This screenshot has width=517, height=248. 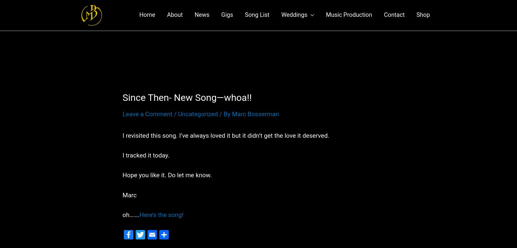 What do you see at coordinates (161, 220) in the screenshot?
I see `'Here’s the song!'` at bounding box center [161, 220].